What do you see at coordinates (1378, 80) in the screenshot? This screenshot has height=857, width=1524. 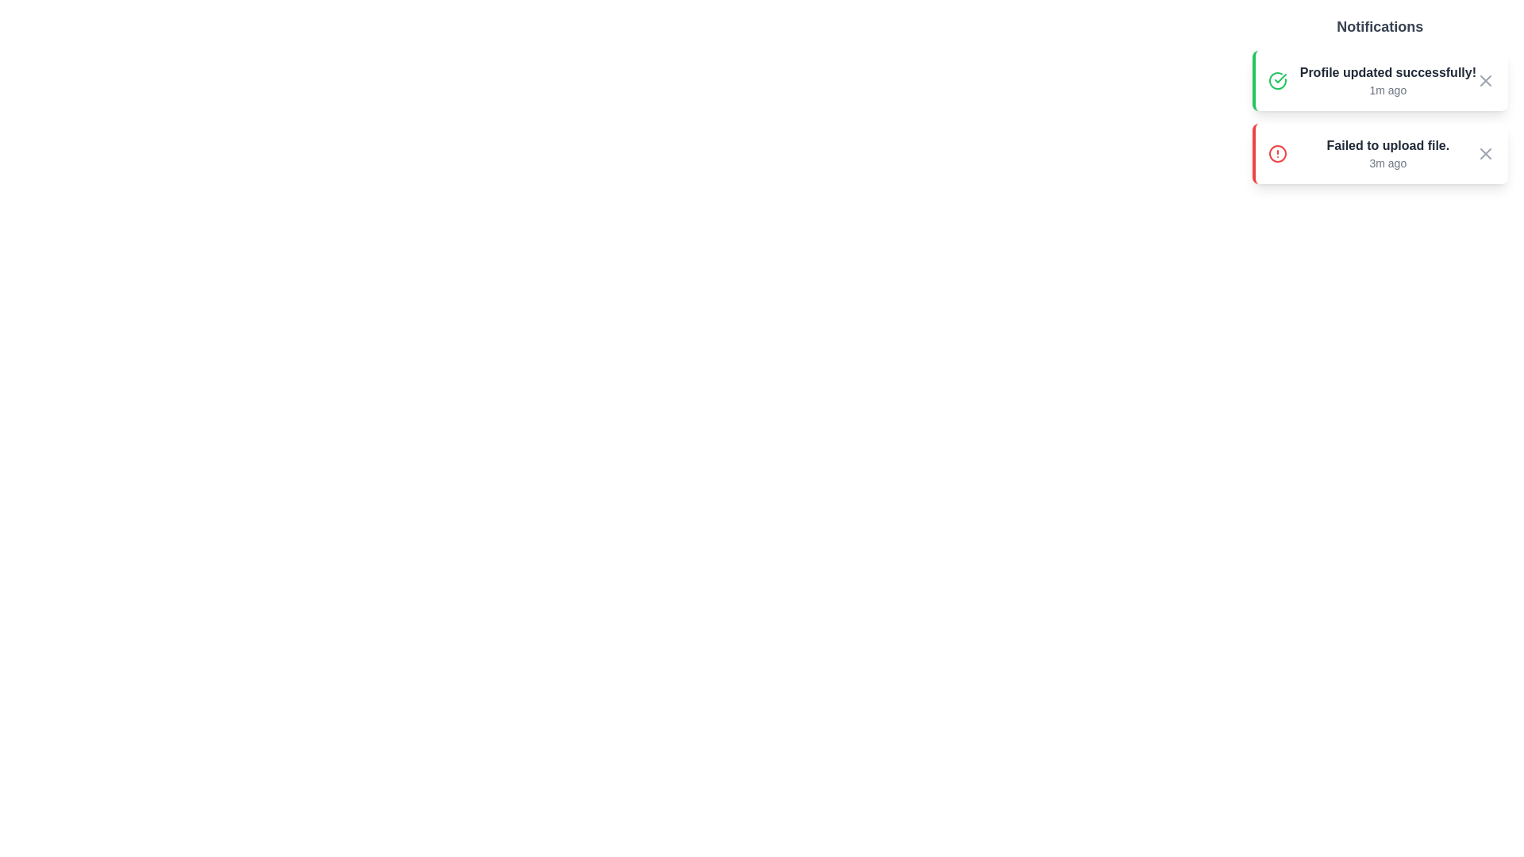 I see `the notification to expand and read its details` at bounding box center [1378, 80].